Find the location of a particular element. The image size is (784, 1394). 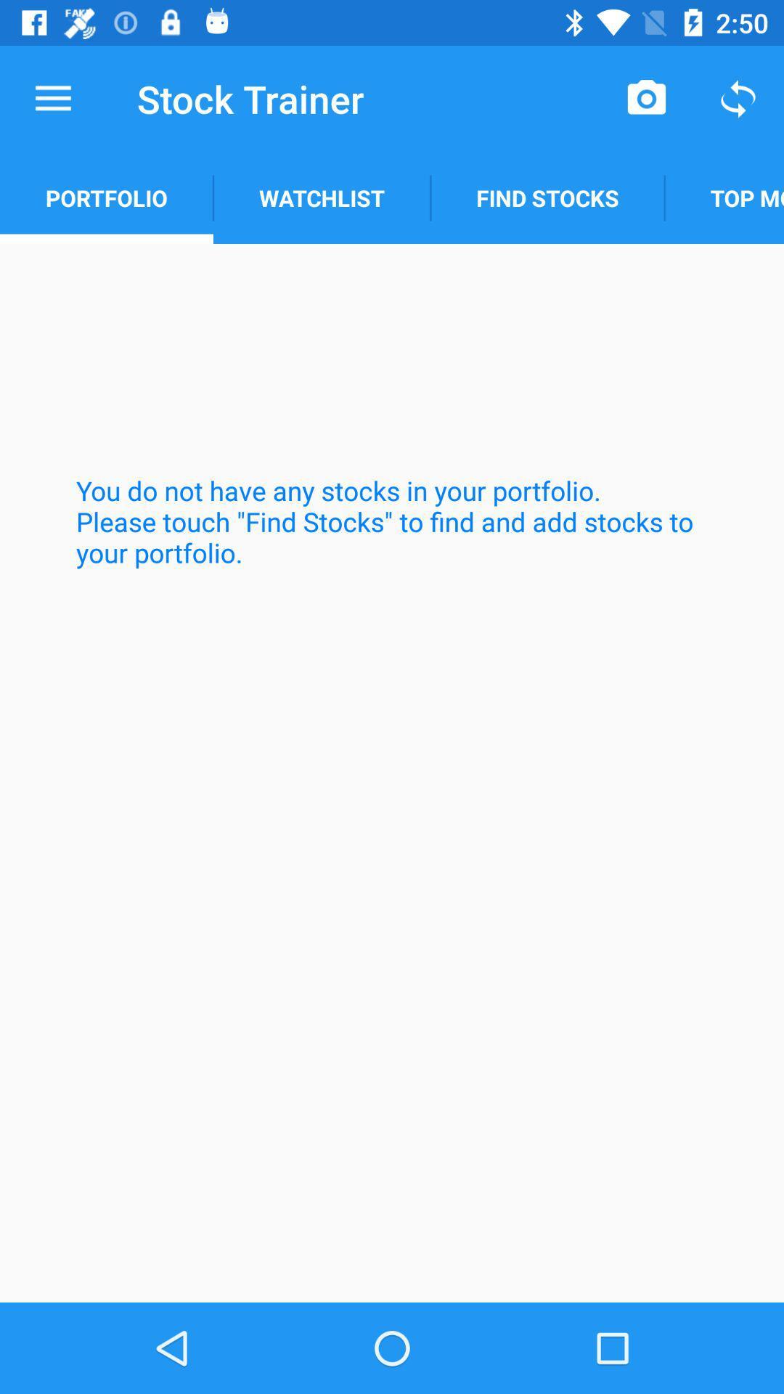

item above the you do not icon is located at coordinates (321, 197).